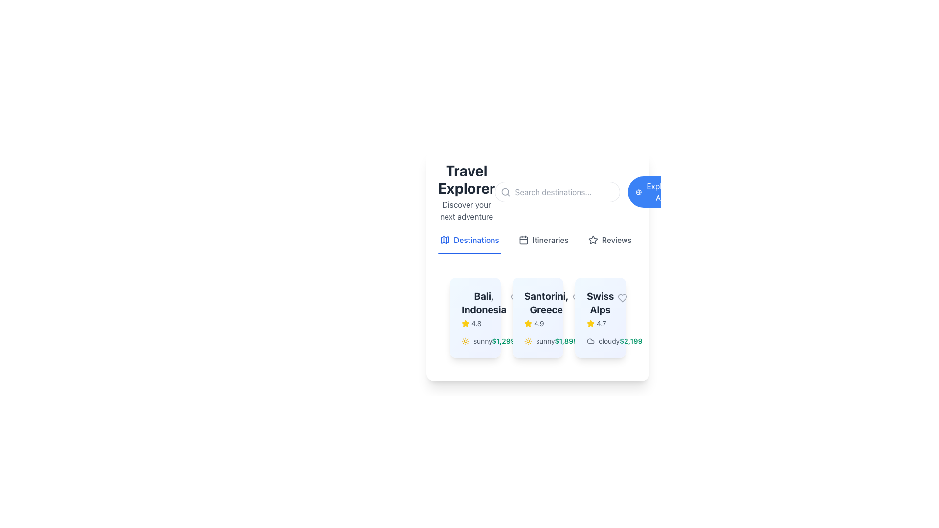 The image size is (939, 528). I want to click on rating value displayed in the text label indicating user reviews, positioned to the right of the yellow star icon on the Swiss Alps card, so click(601, 324).